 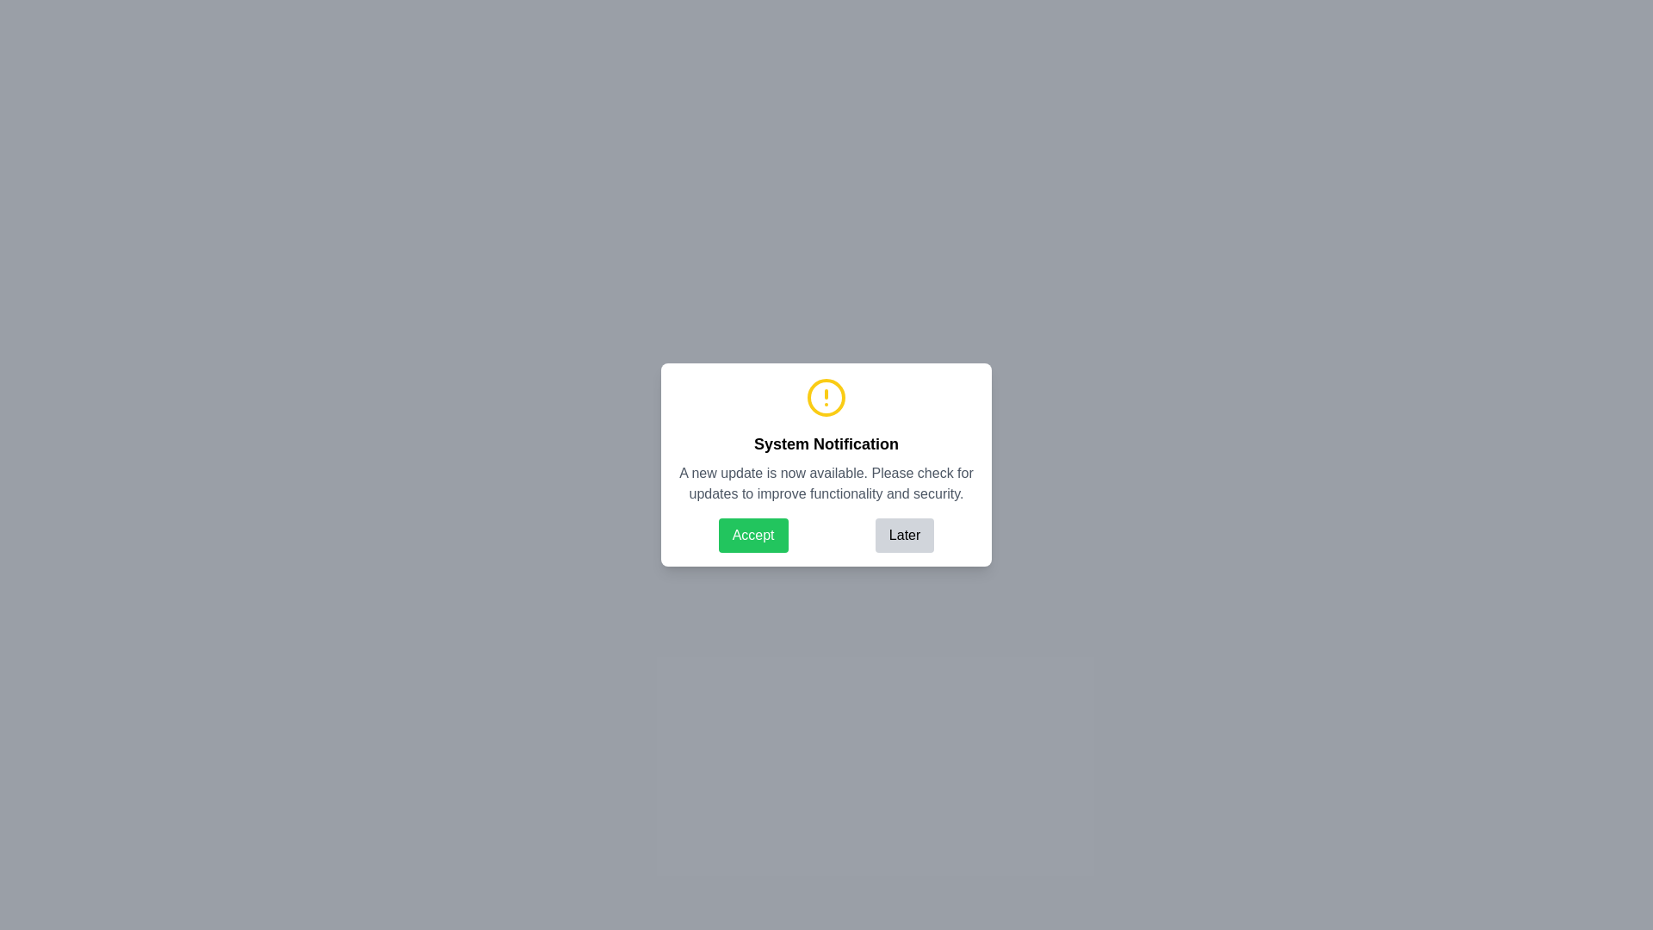 I want to click on the alert icon located at the top-center of the notification dialog box, which is positioned directly above the 'System Notification' text, so click(x=826, y=398).